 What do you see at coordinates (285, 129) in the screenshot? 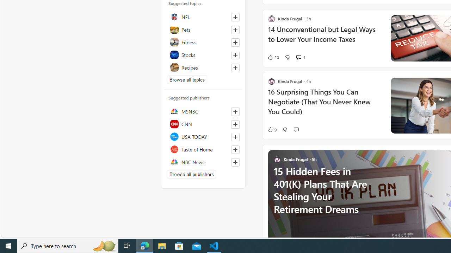
I see `'Dislike'` at bounding box center [285, 129].